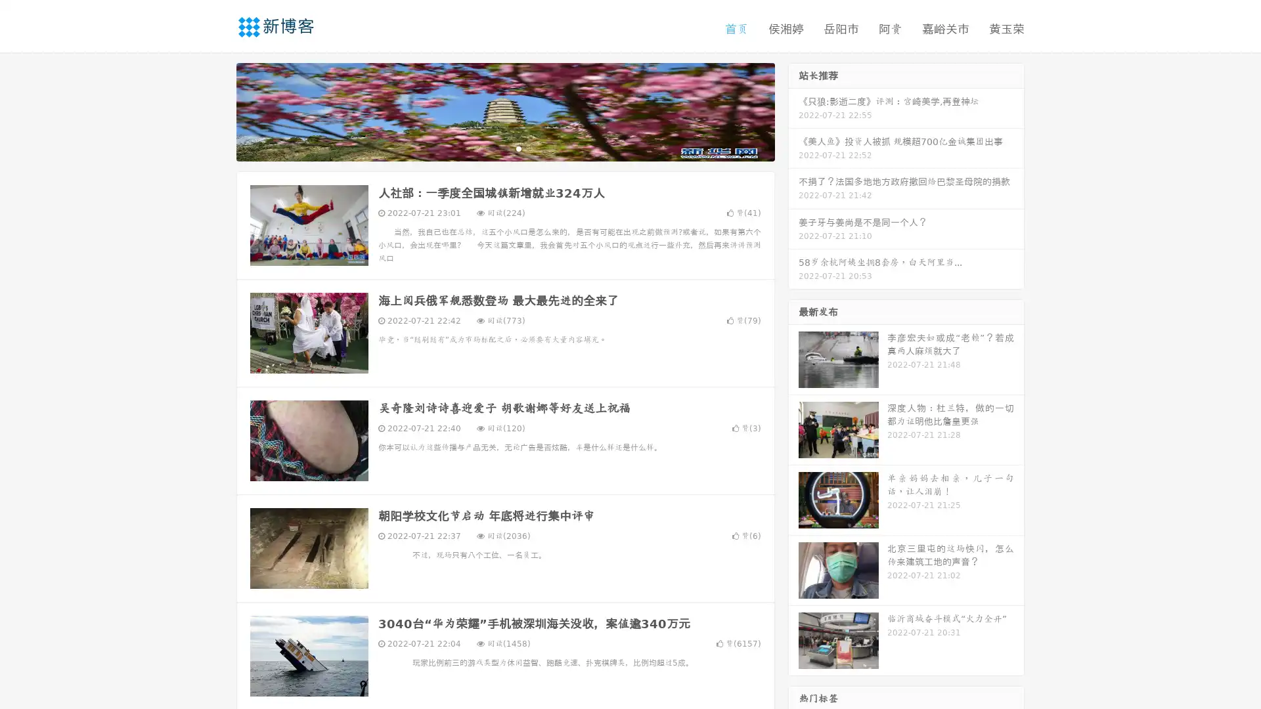  Describe the element at coordinates (504, 148) in the screenshot. I see `Go to slide 2` at that location.